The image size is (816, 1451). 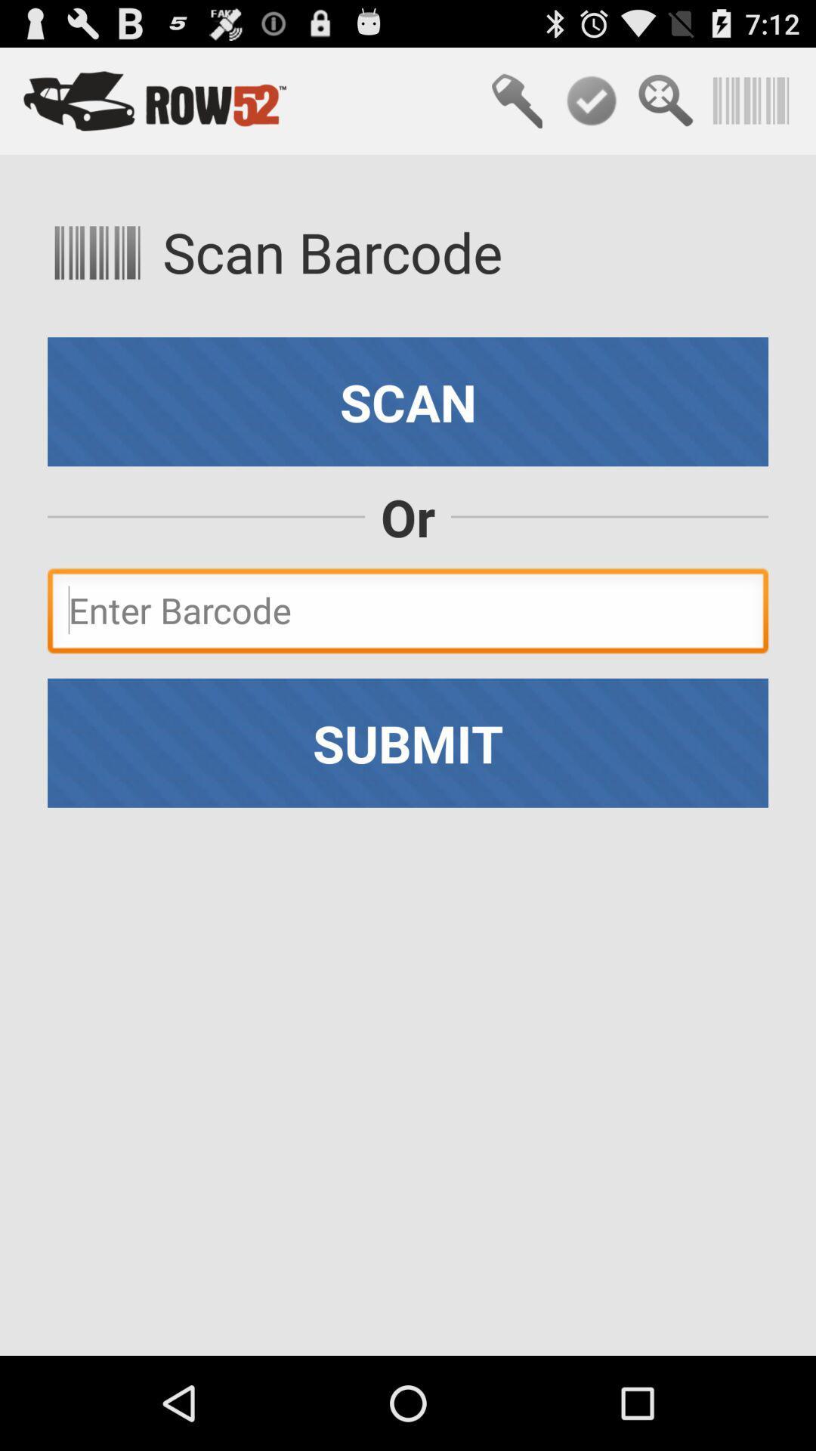 What do you see at coordinates (591, 107) in the screenshot?
I see `the check icon` at bounding box center [591, 107].